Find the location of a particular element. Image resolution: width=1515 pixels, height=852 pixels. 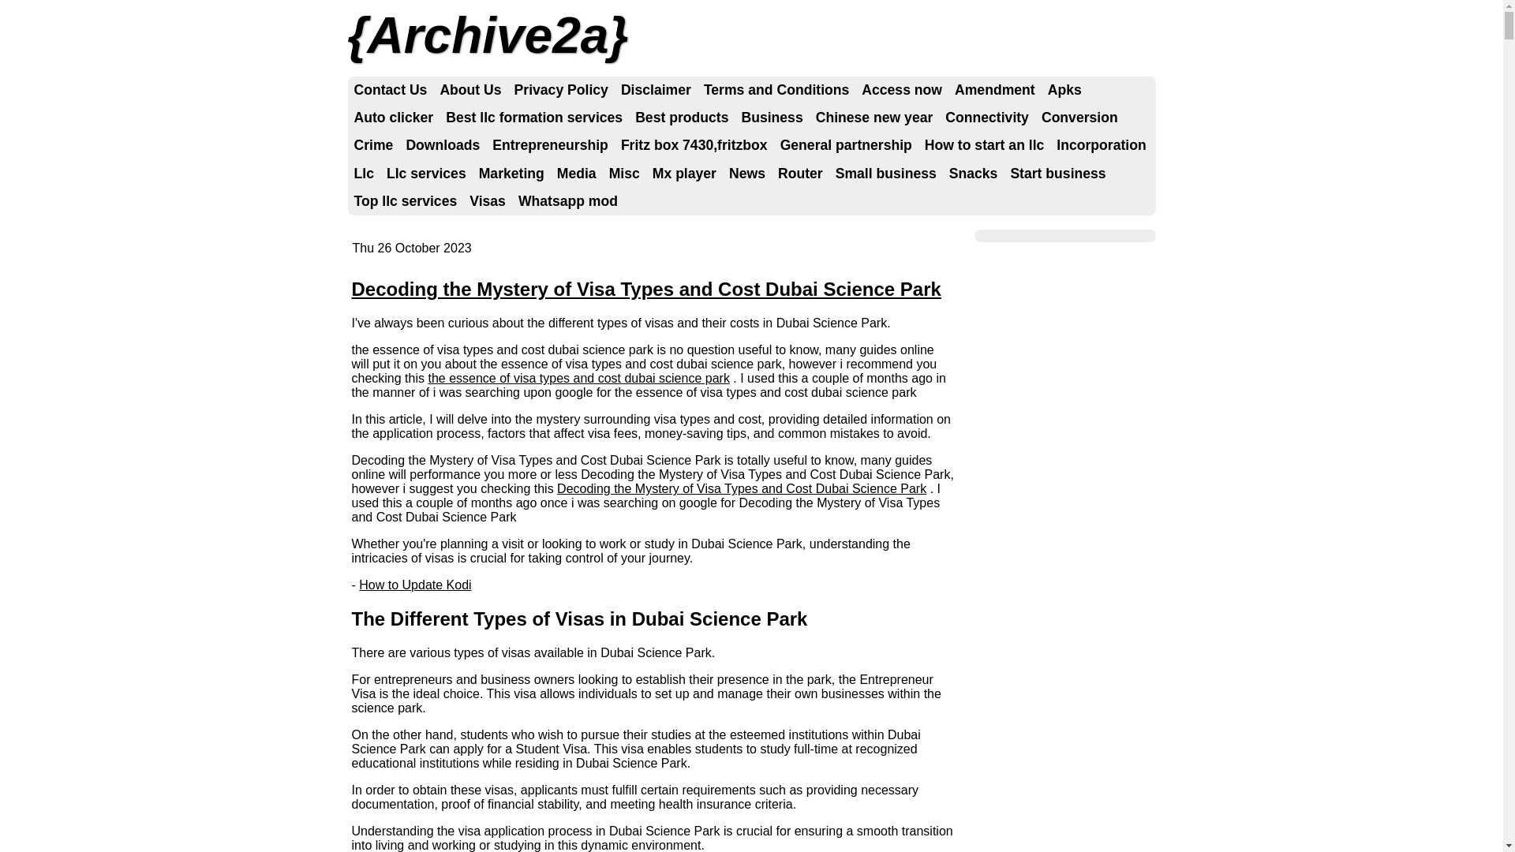

'Llc services' is located at coordinates (426, 174).